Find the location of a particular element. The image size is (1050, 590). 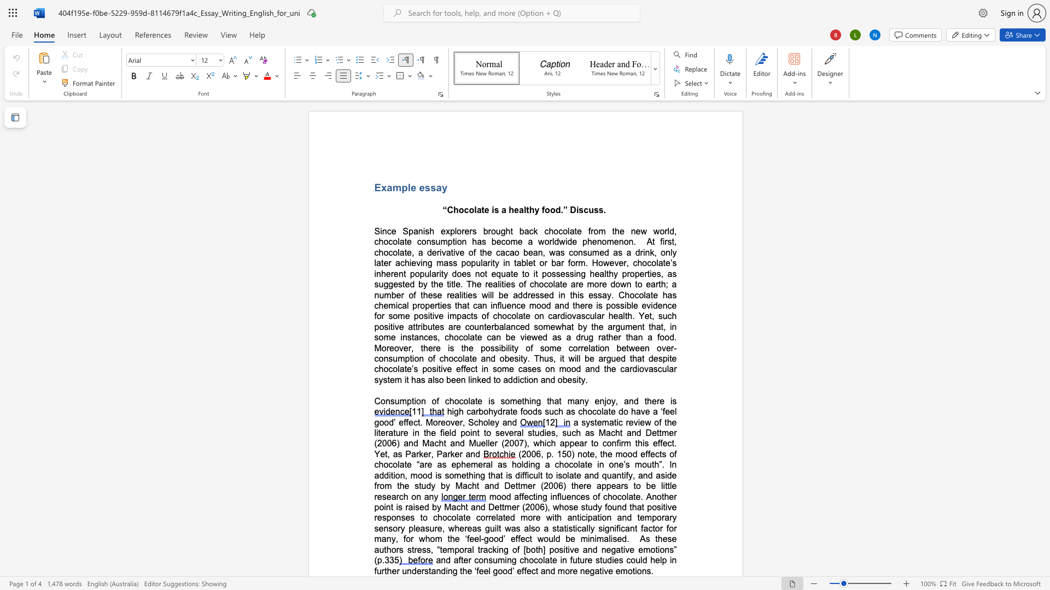

the 2th character "a" in the text is located at coordinates (556, 401).